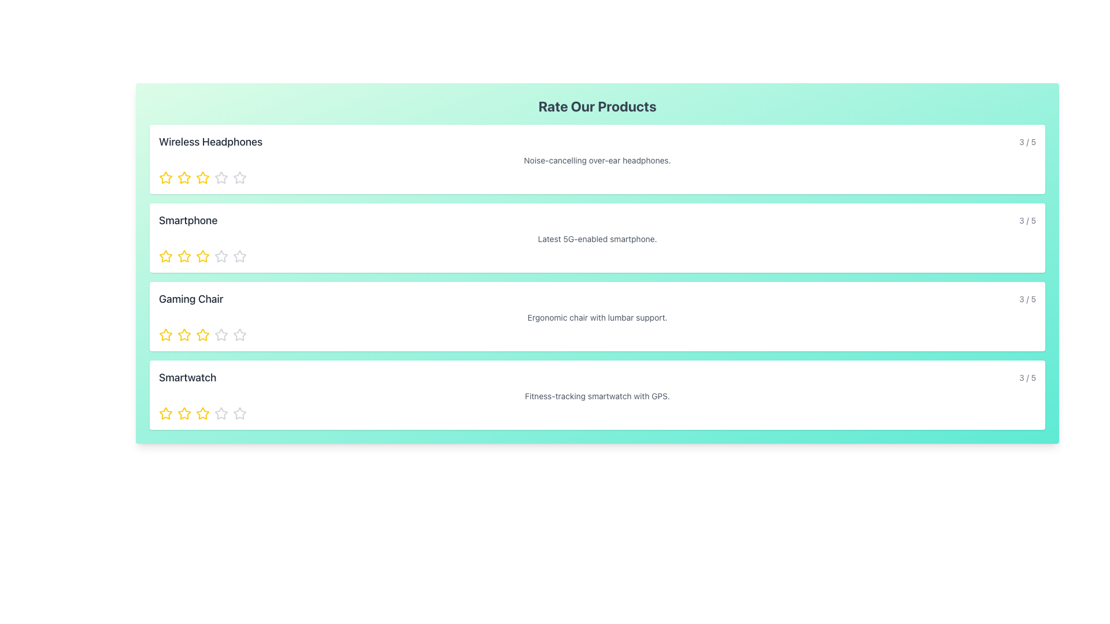 The image size is (1110, 624). I want to click on the heading element that displays 'Rate Our Products', styled with a bold font and large size, located at the top of a panel with a gradient green background, so click(597, 106).